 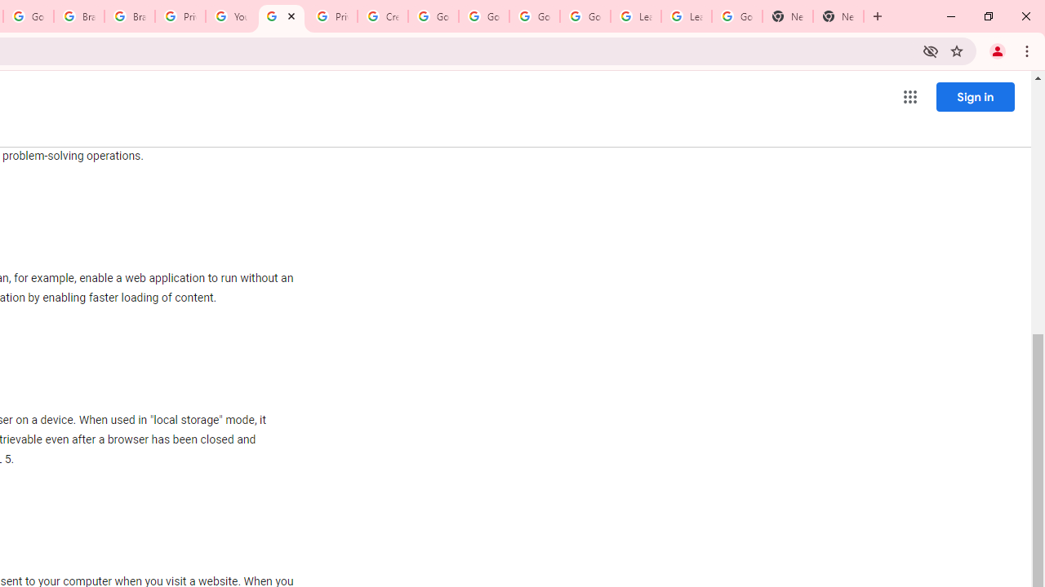 I want to click on 'YouTube', so click(x=229, y=16).